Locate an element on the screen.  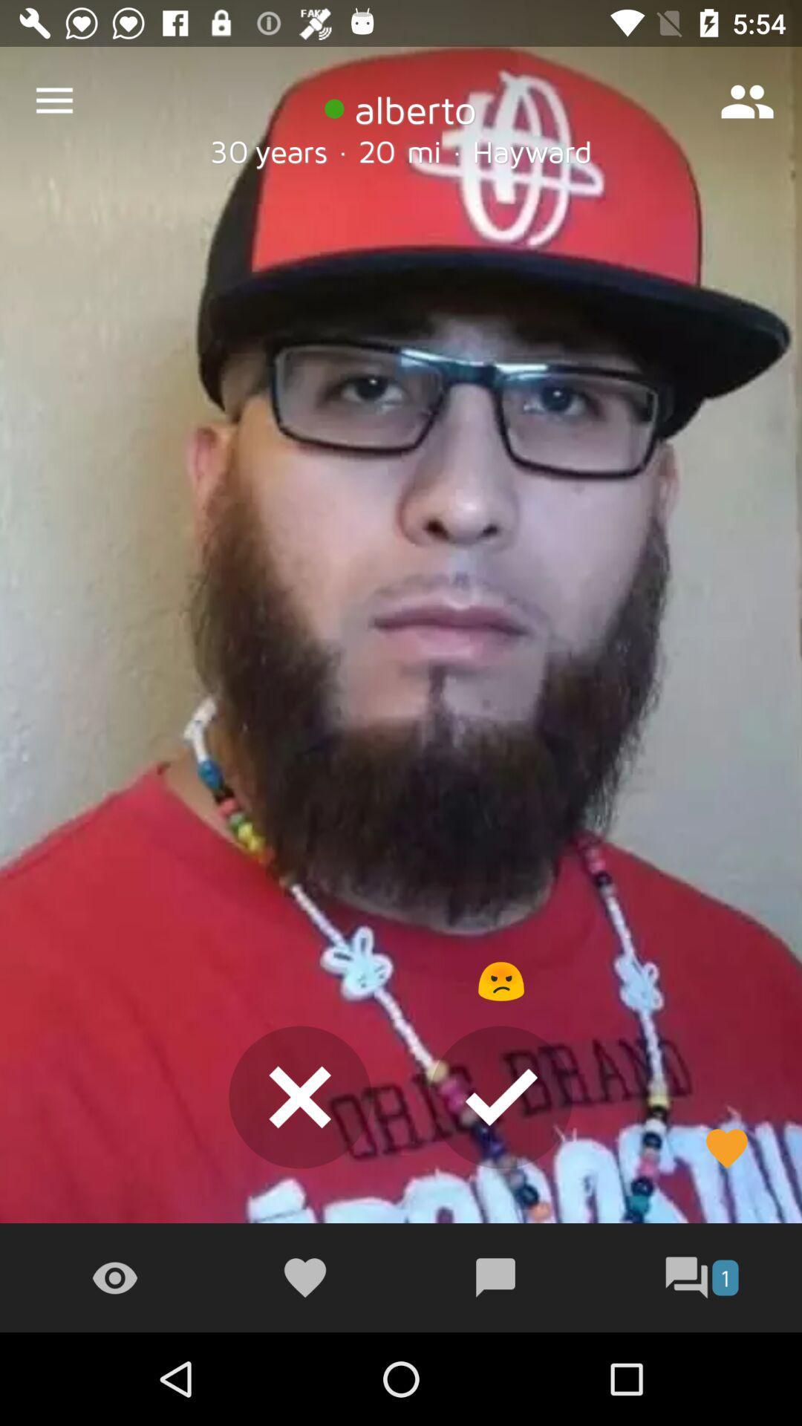
the heart symbol is located at coordinates (726, 1147).